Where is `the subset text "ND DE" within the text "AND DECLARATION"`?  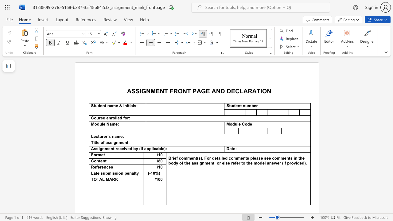
the subset text "ND DE" within the text "AND DECLARATION" is located at coordinates (216, 91).